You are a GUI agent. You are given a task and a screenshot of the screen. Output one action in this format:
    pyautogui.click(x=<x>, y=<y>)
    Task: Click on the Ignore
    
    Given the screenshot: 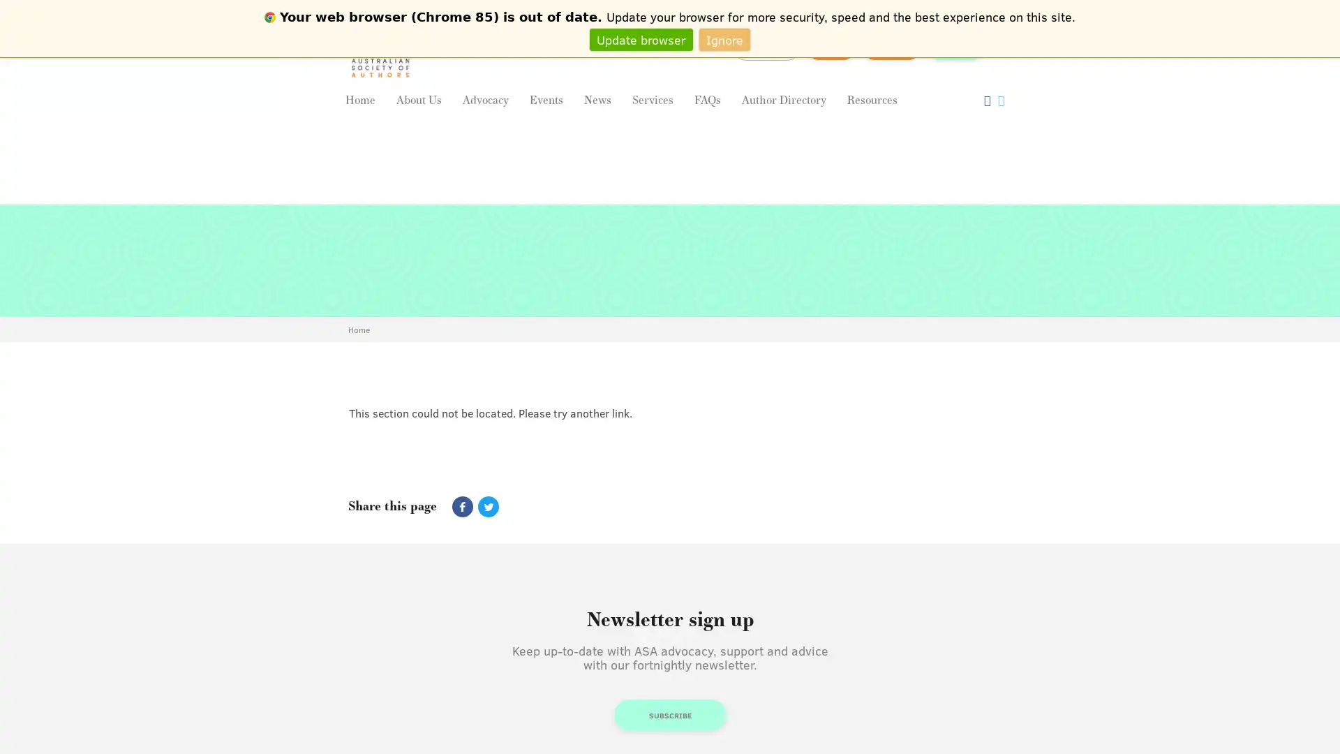 What is the action you would take?
    pyautogui.click(x=724, y=38)
    